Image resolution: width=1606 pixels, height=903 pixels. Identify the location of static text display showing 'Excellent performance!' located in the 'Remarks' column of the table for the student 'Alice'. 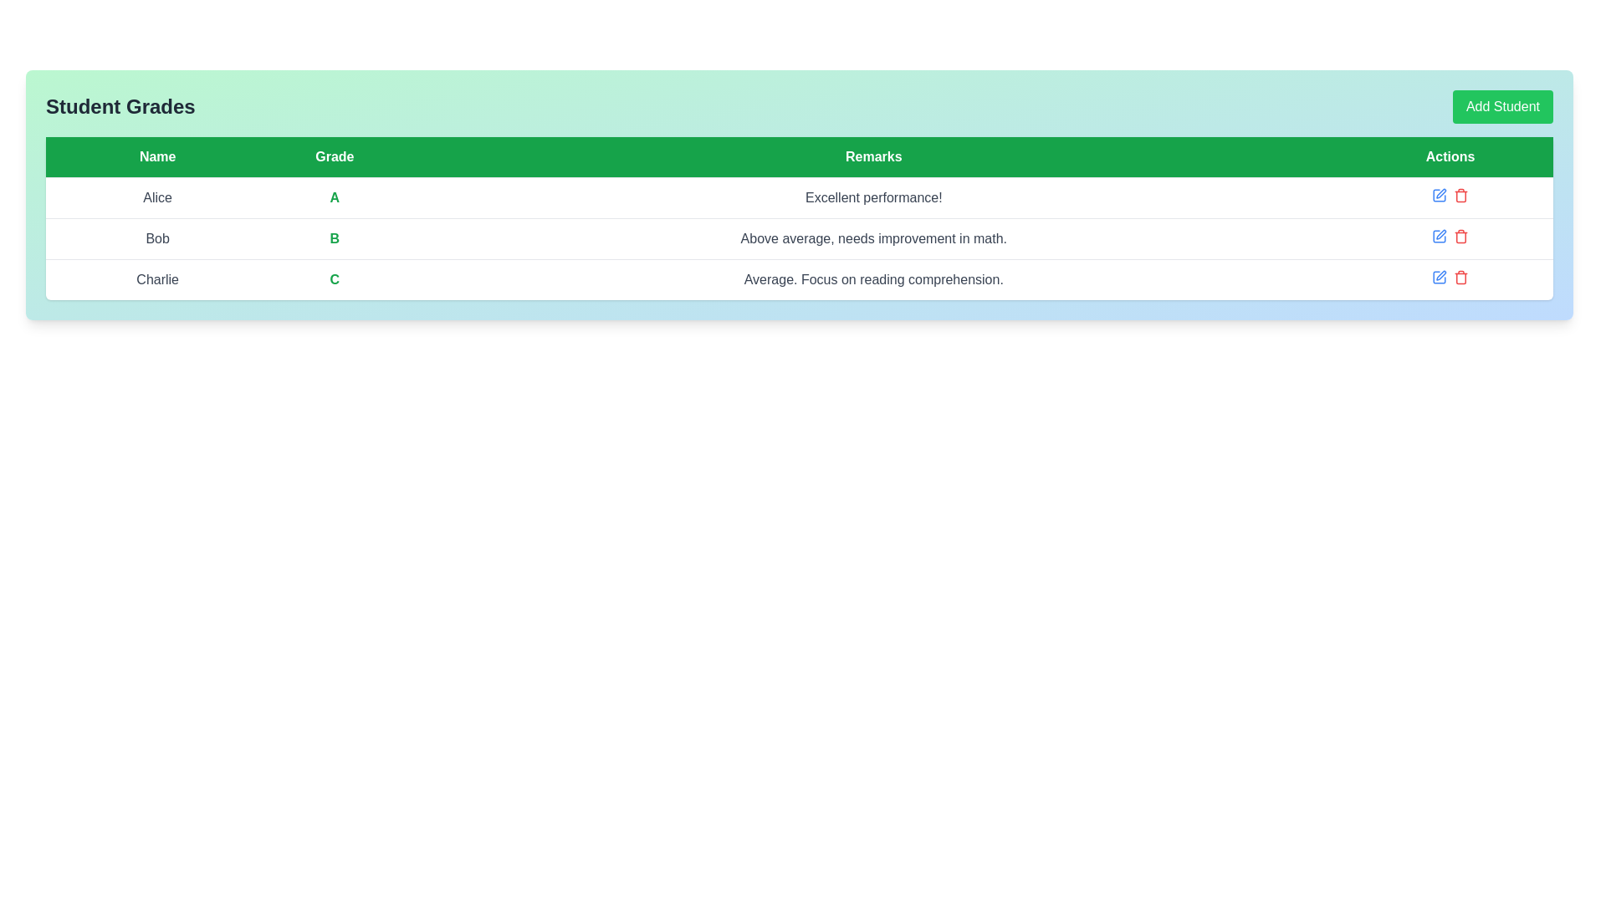
(872, 196).